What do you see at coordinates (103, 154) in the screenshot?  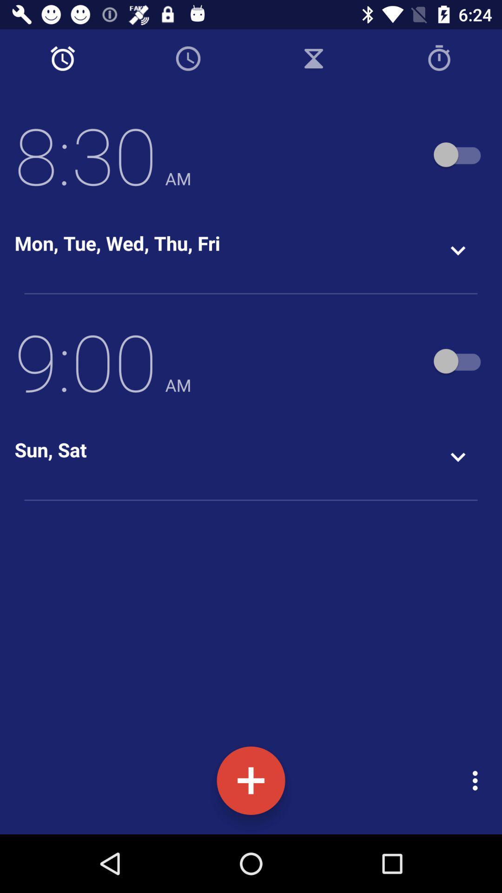 I see `the item above the mon tue wed` at bounding box center [103, 154].